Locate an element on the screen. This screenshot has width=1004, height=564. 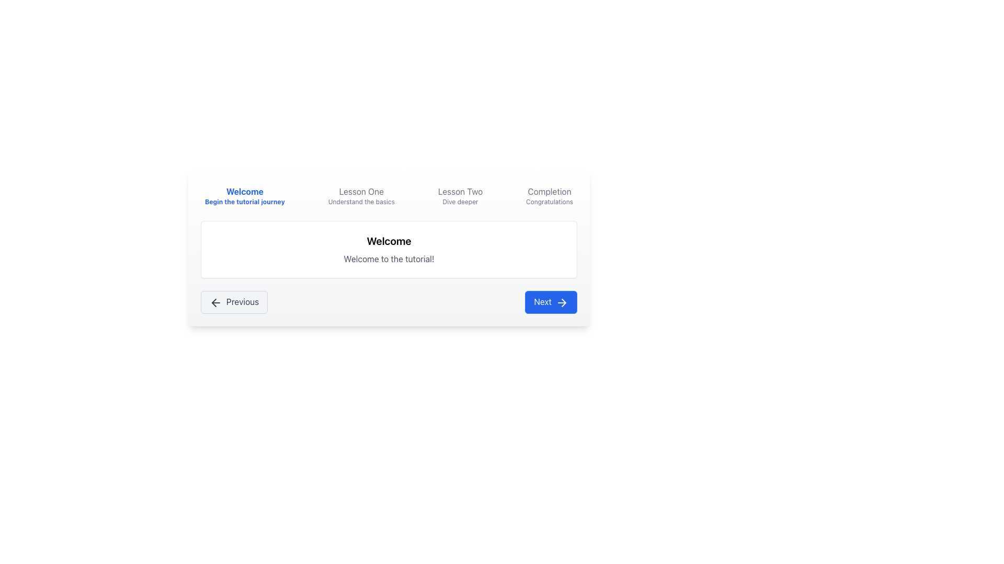
the text label displaying 'Lesson One', which is styled in gray and positioned above 'Understand the basics' in the menu listing lessons is located at coordinates (361, 191).